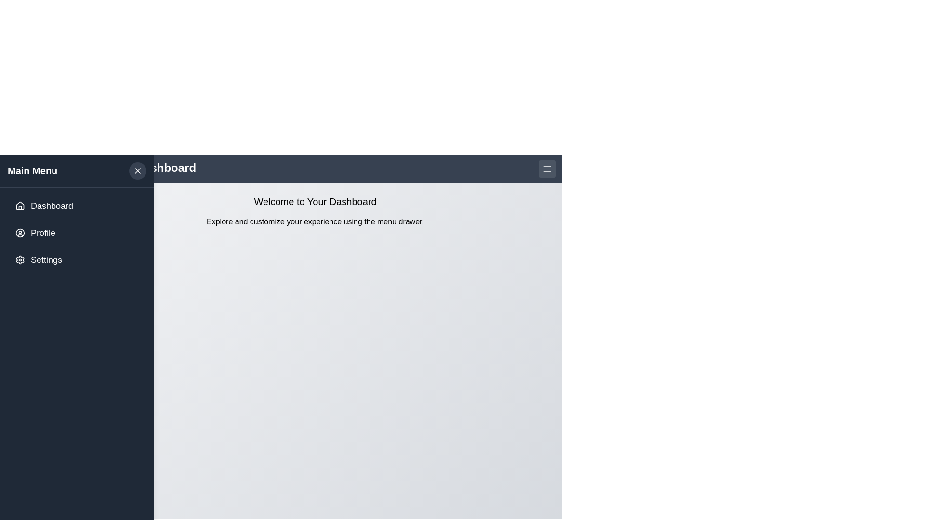 This screenshot has width=925, height=520. I want to click on text from the sidebar menu title label located at the top-left corner of the sidebar, so click(32, 170).